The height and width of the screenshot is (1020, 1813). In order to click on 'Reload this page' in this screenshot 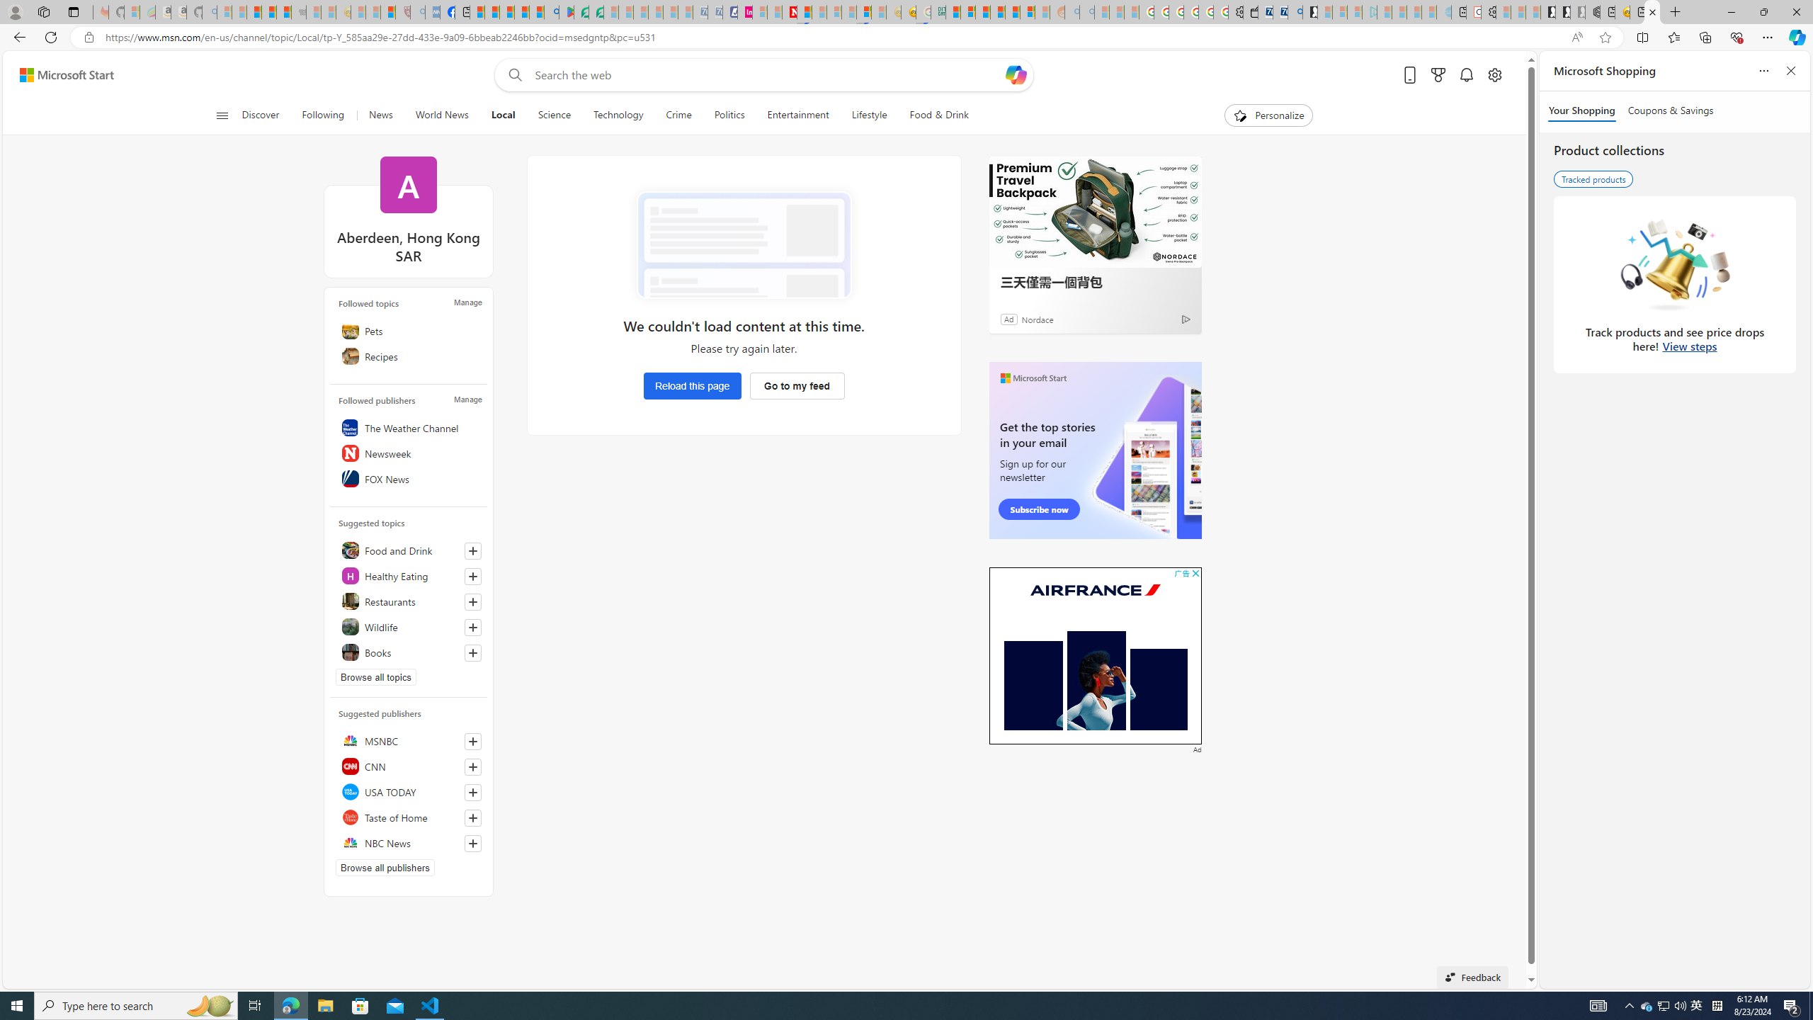, I will do `click(692, 385)`.